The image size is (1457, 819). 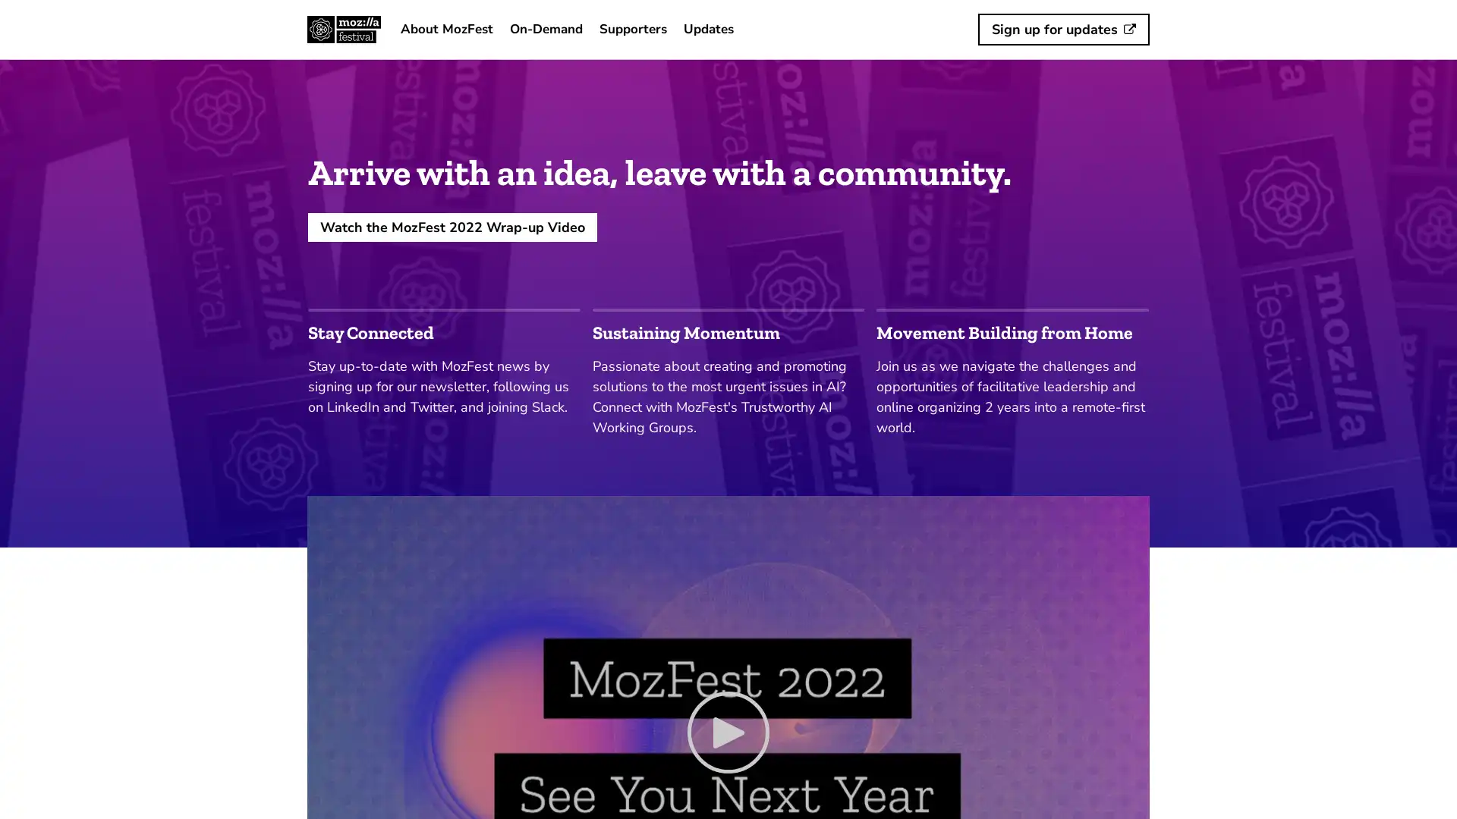 I want to click on Go to slide 3, so click(x=1012, y=309).